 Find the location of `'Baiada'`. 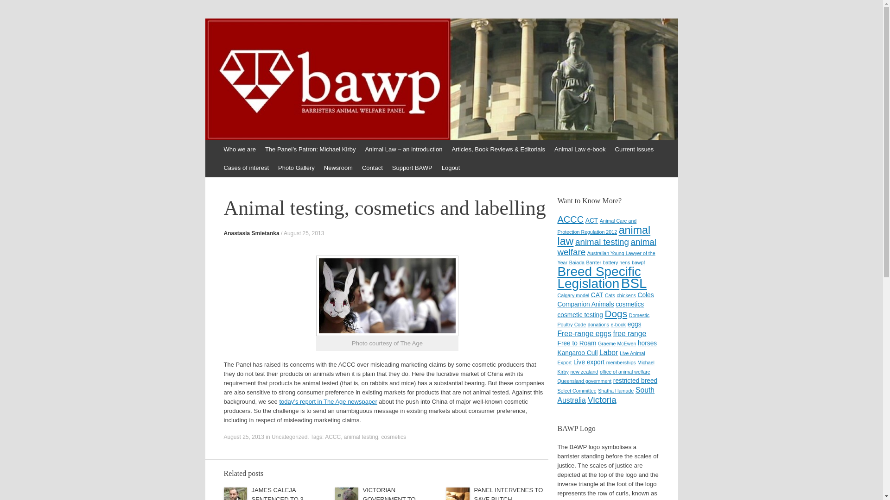

'Baiada' is located at coordinates (569, 262).